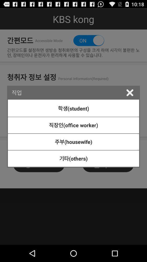 The height and width of the screenshot is (262, 147). What do you see at coordinates (129, 99) in the screenshot?
I see `the close icon` at bounding box center [129, 99].